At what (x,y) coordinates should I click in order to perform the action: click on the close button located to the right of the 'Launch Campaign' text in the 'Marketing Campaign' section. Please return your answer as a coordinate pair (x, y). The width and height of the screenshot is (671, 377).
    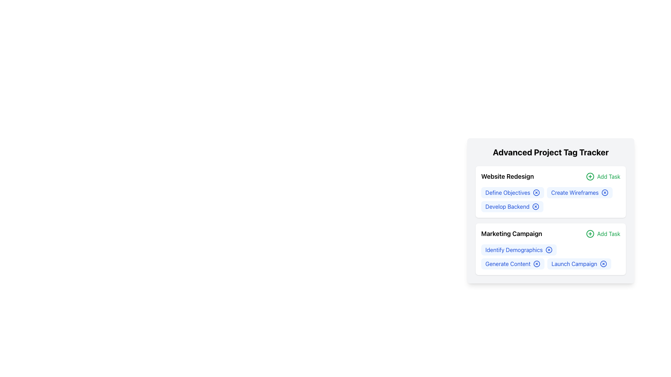
    Looking at the image, I should click on (603, 264).